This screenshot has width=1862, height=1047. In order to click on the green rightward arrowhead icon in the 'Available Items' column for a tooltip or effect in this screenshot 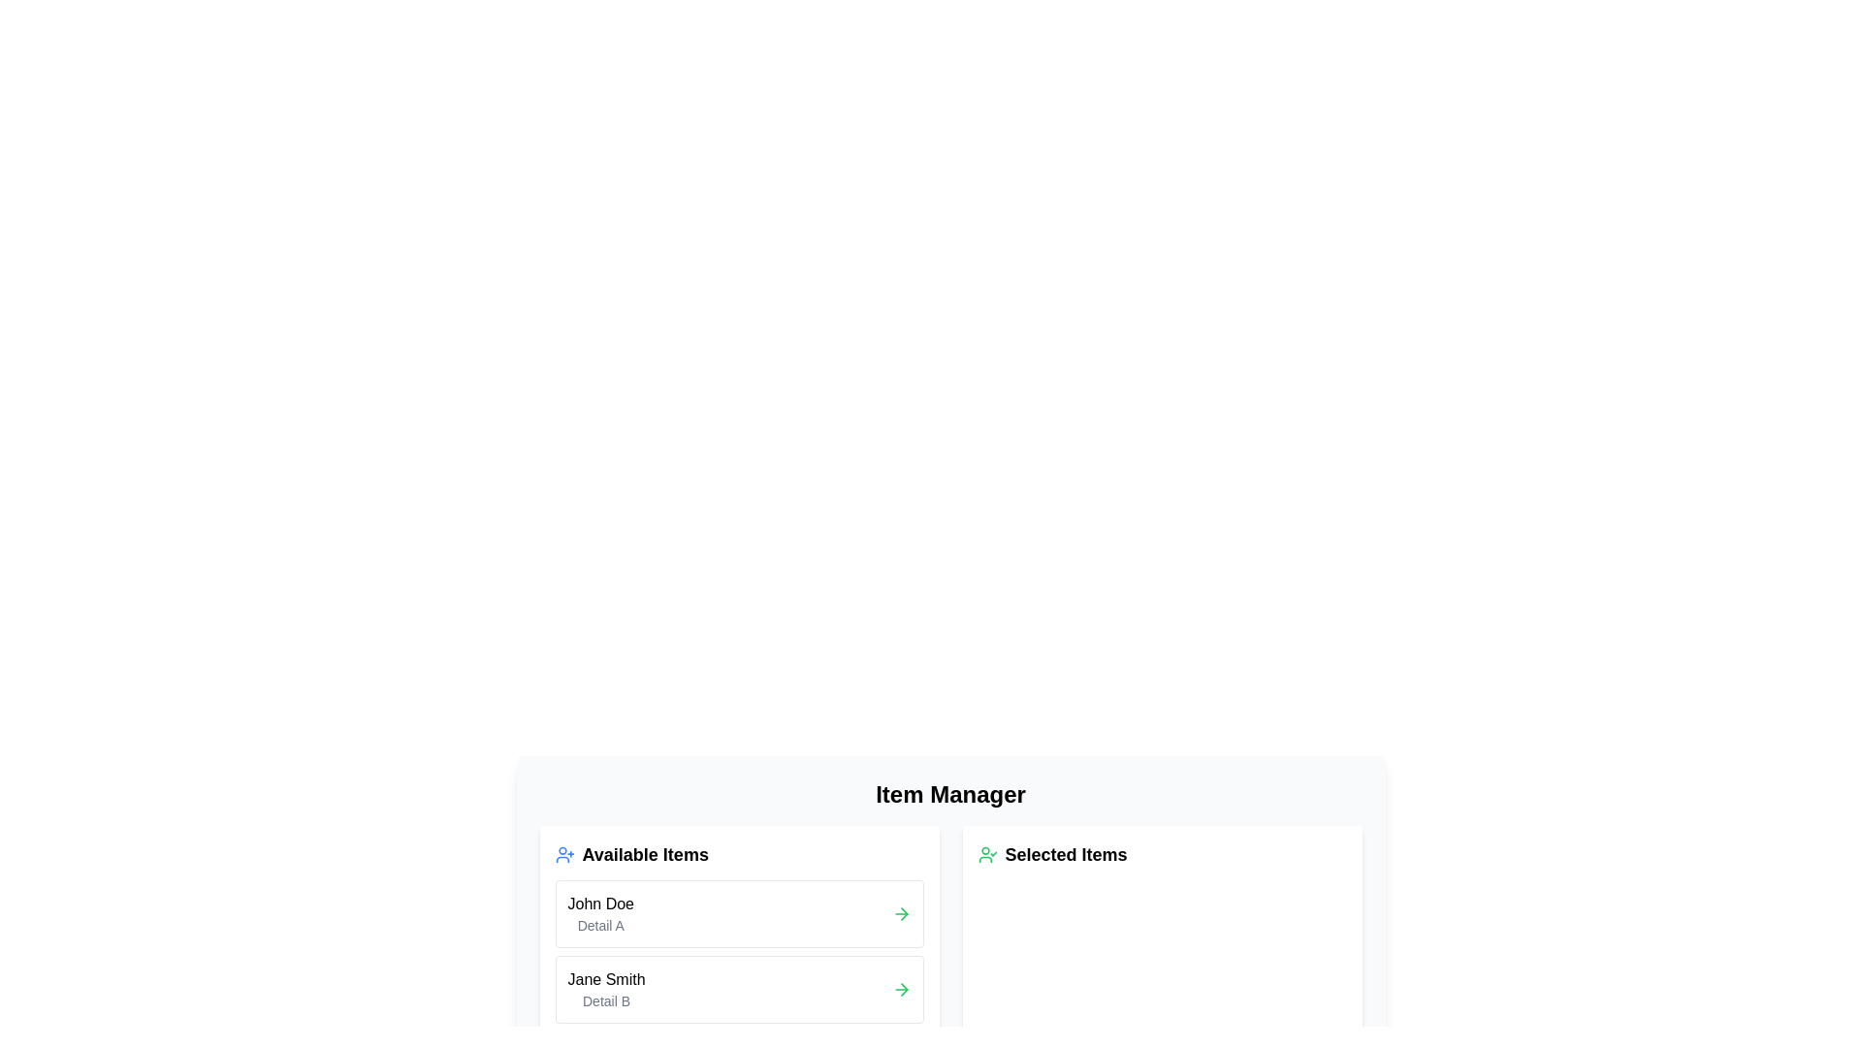, I will do `click(903, 990)`.